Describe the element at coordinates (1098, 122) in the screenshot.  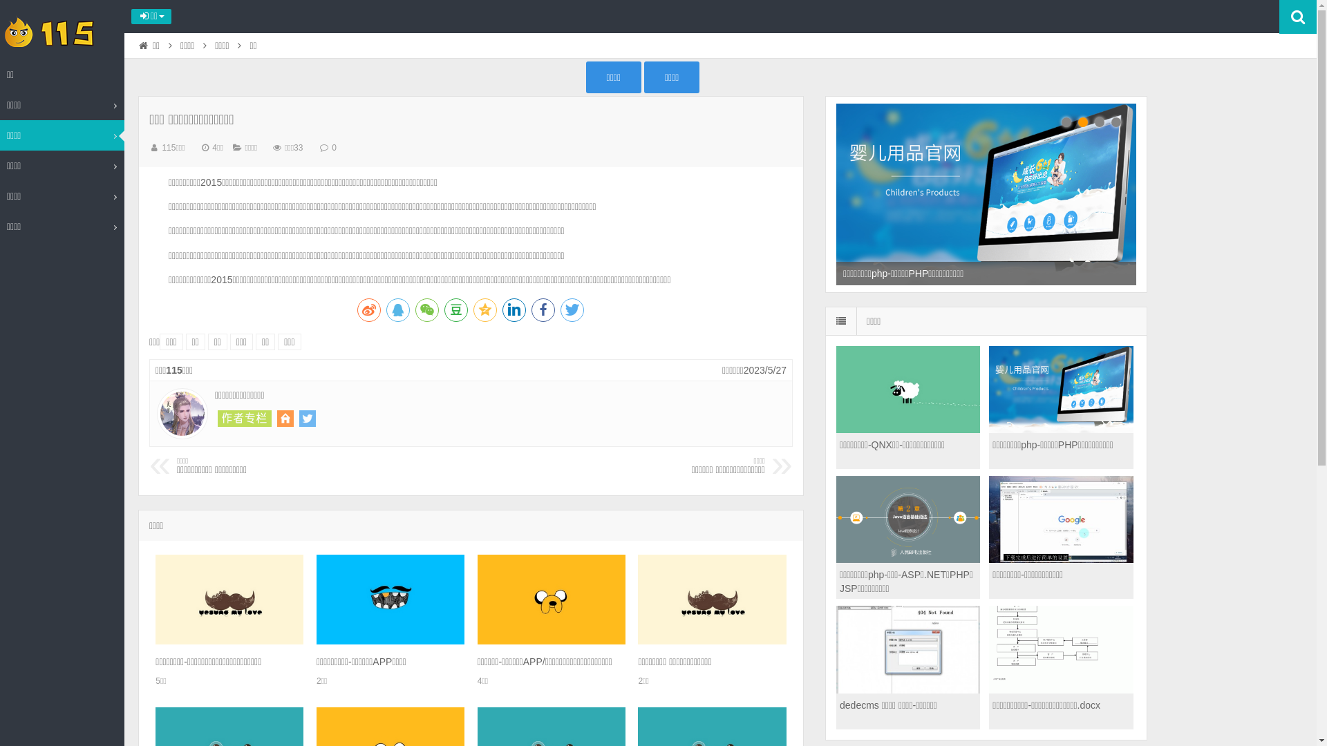
I see `'3'` at that location.